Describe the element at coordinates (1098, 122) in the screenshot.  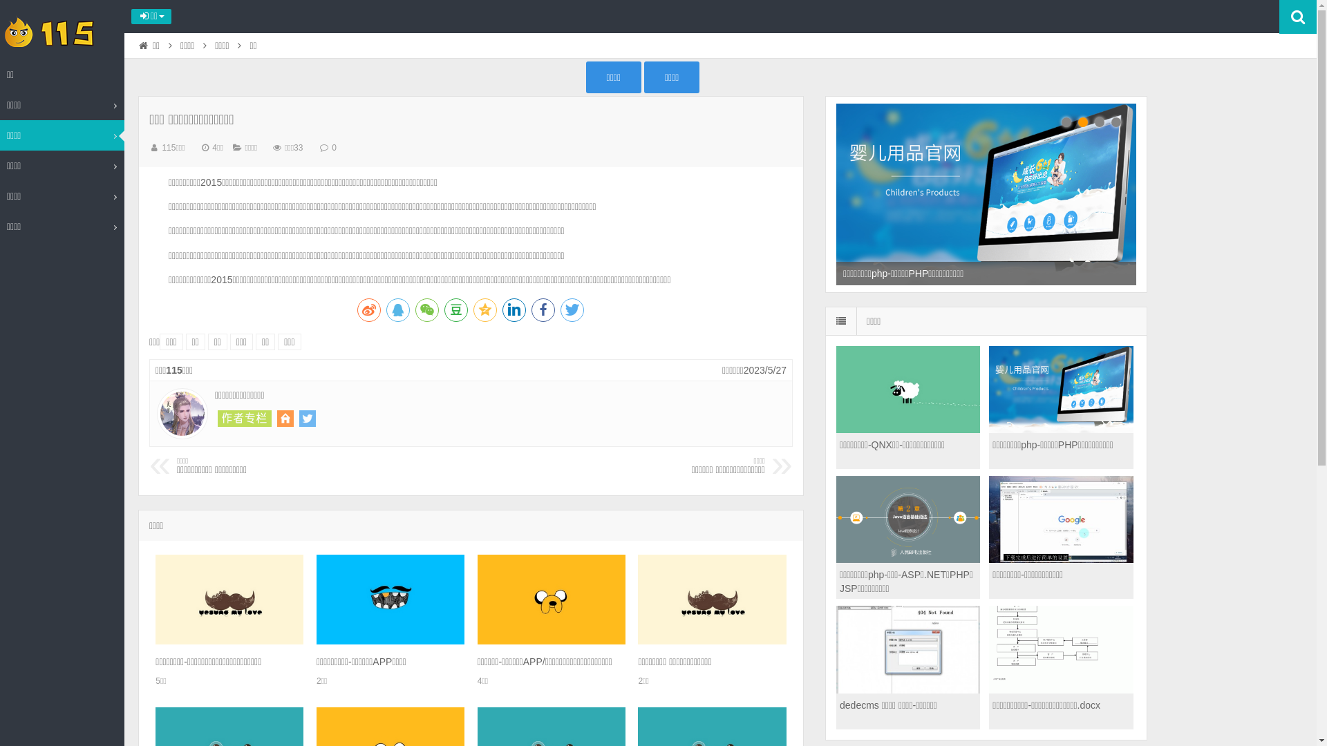
I see `'3'` at that location.